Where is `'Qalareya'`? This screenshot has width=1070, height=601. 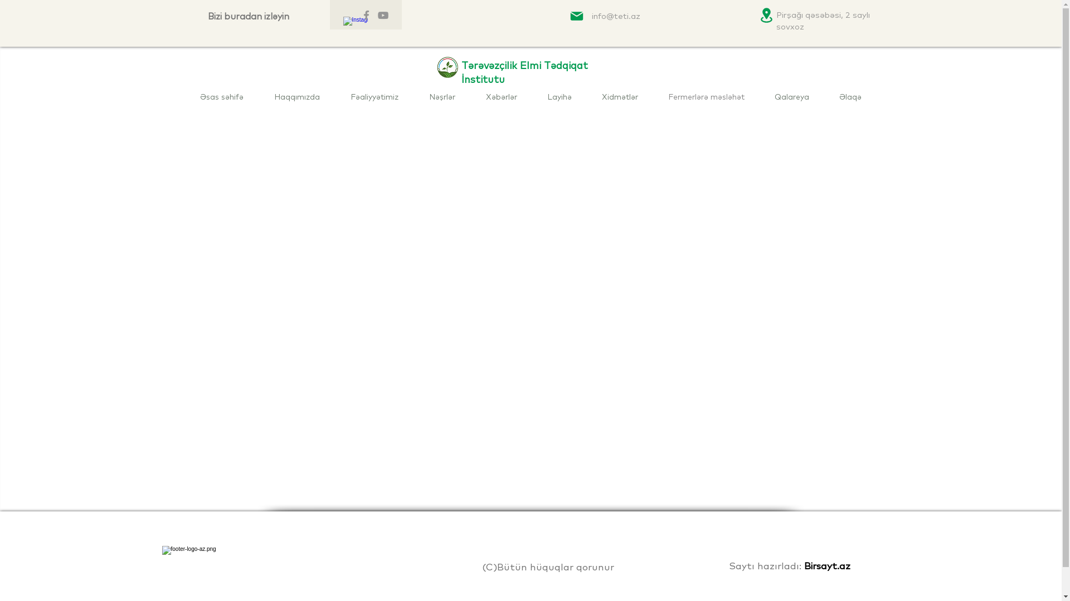
'Qalareya' is located at coordinates (791, 96).